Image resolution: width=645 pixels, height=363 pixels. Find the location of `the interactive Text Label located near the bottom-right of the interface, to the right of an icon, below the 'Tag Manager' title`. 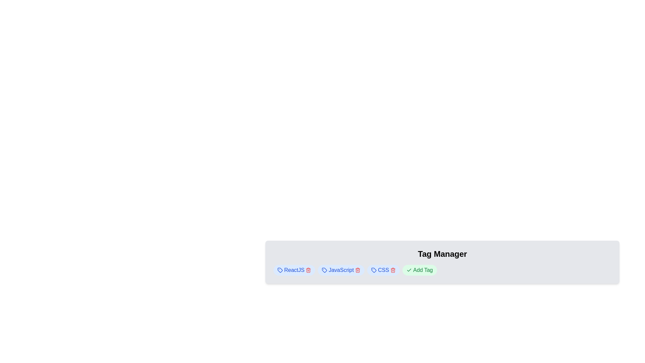

the interactive Text Label located near the bottom-right of the interface, to the right of an icon, below the 'Tag Manager' title is located at coordinates (423, 270).